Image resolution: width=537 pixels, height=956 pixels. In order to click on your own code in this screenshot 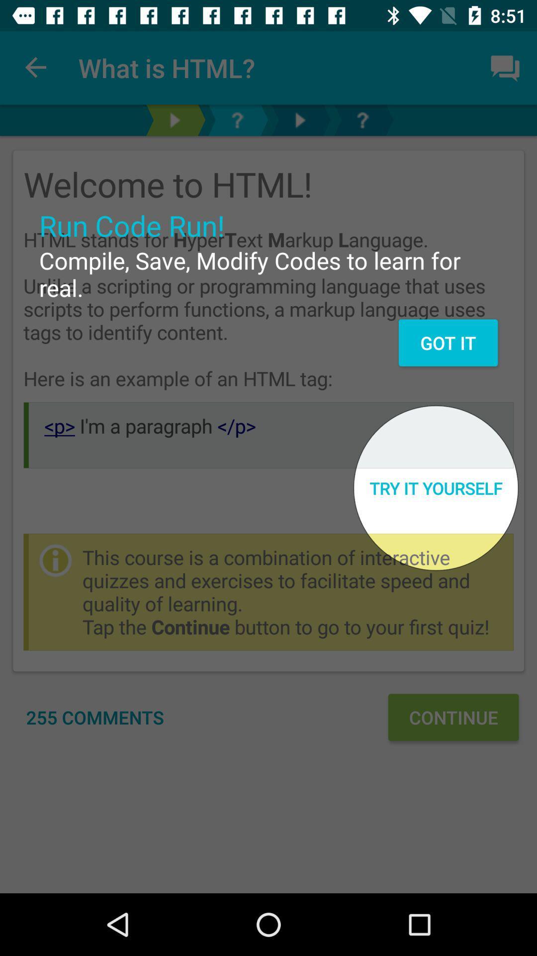, I will do `click(362, 119)`.